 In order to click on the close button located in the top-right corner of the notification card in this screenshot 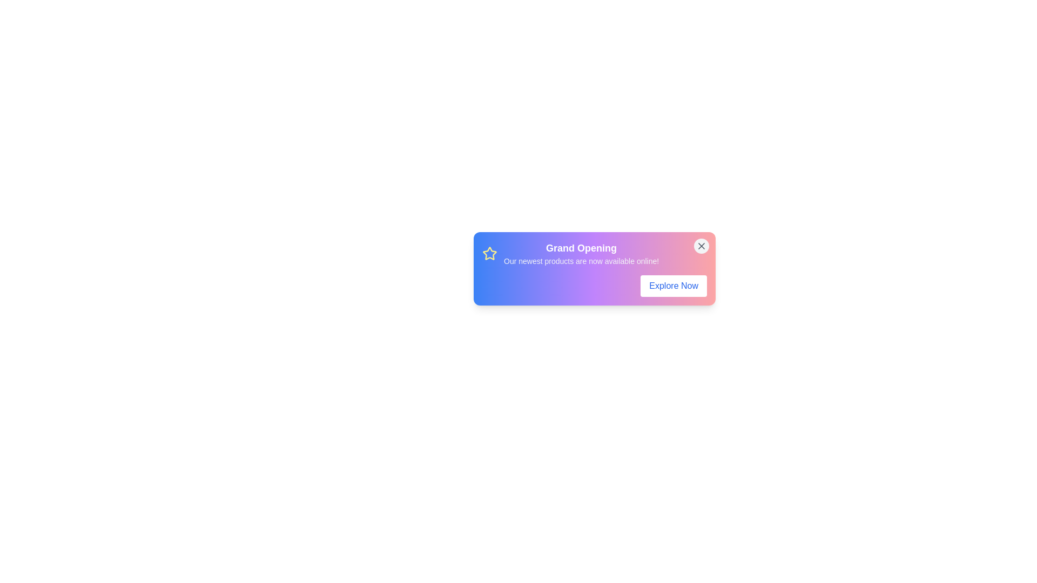, I will do `click(702, 246)`.